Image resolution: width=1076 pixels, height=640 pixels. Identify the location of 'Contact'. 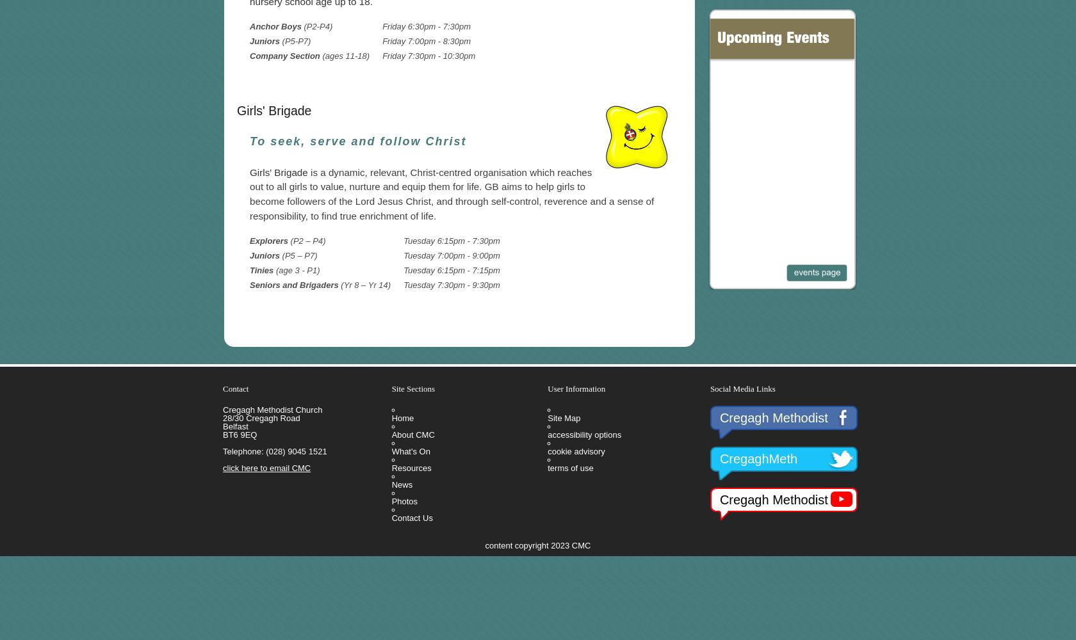
(235, 387).